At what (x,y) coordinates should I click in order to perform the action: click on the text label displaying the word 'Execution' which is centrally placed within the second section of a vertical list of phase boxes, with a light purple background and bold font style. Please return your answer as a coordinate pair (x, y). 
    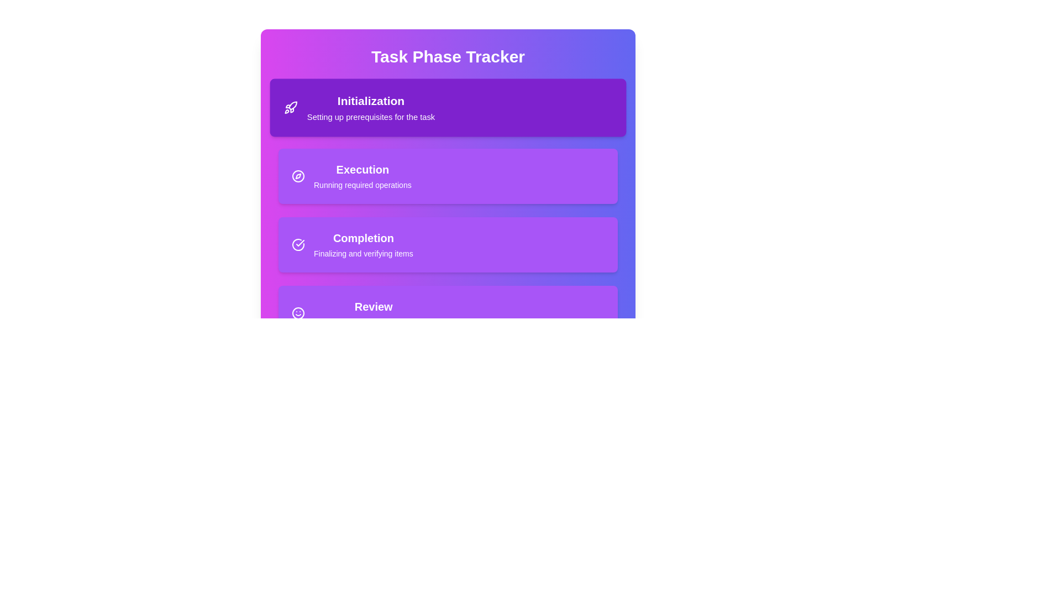
    Looking at the image, I should click on (363, 170).